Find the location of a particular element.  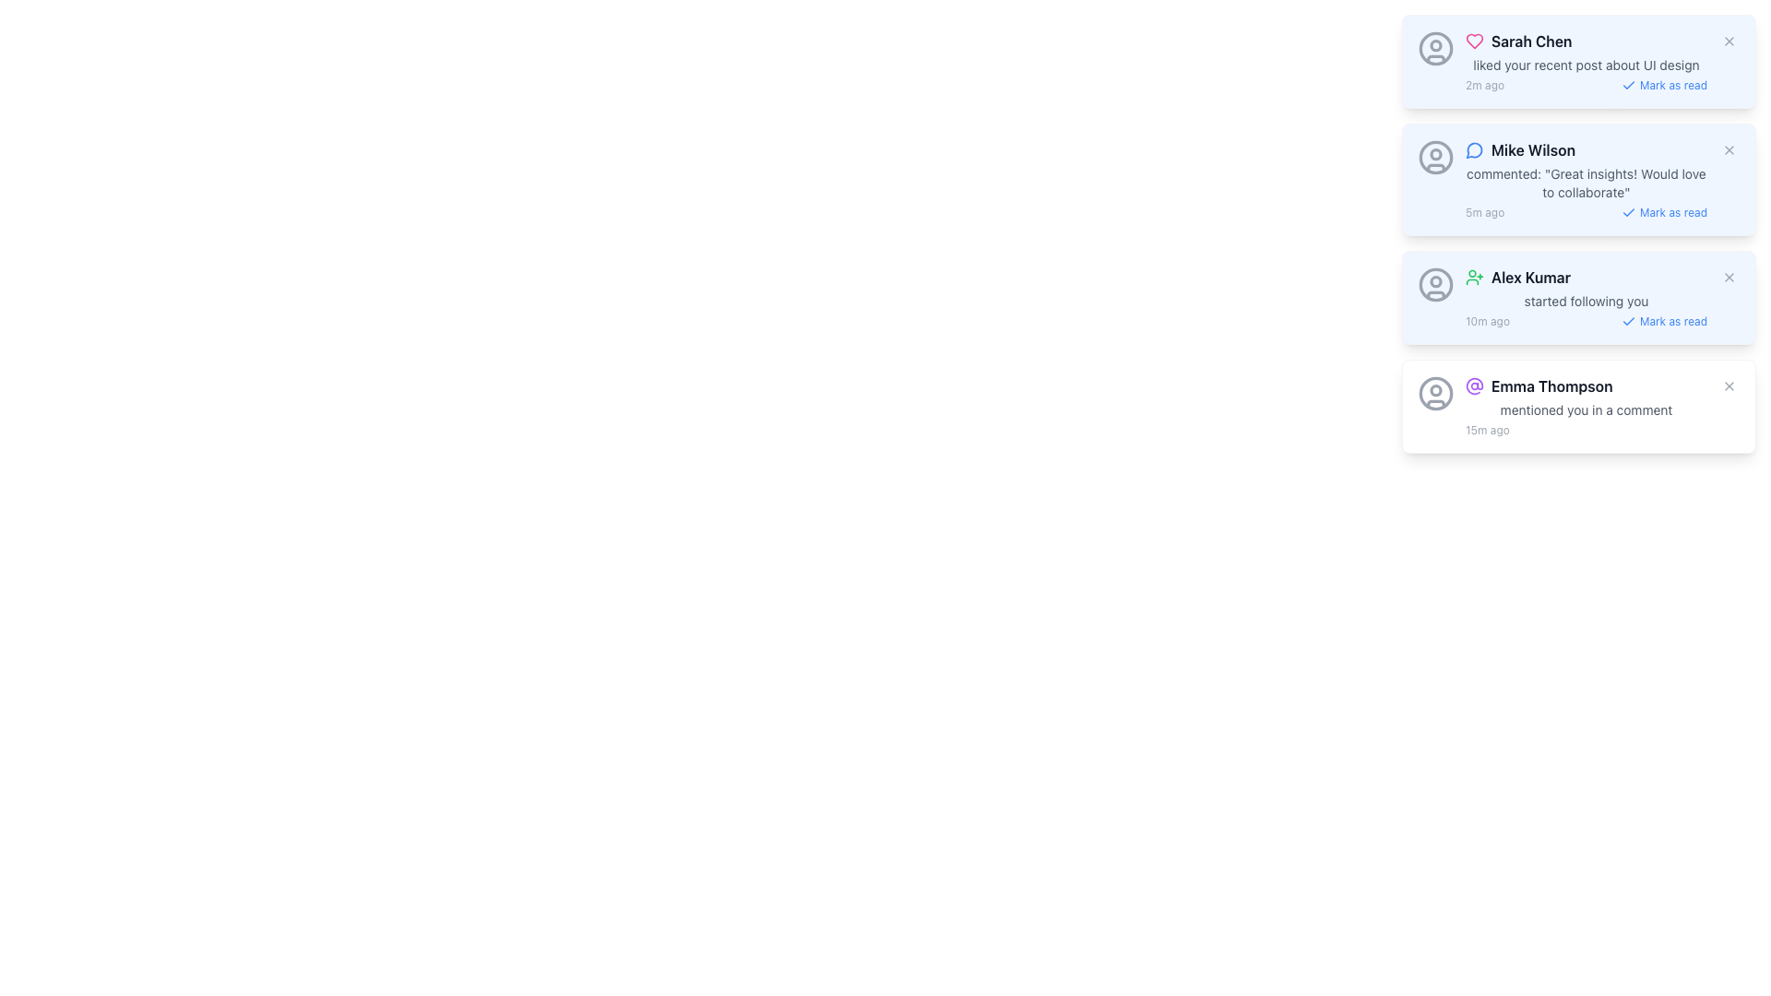

the 'like' icon located to the left of the name text 'Sarah Chen' in the notification component is located at coordinates (1473, 41).